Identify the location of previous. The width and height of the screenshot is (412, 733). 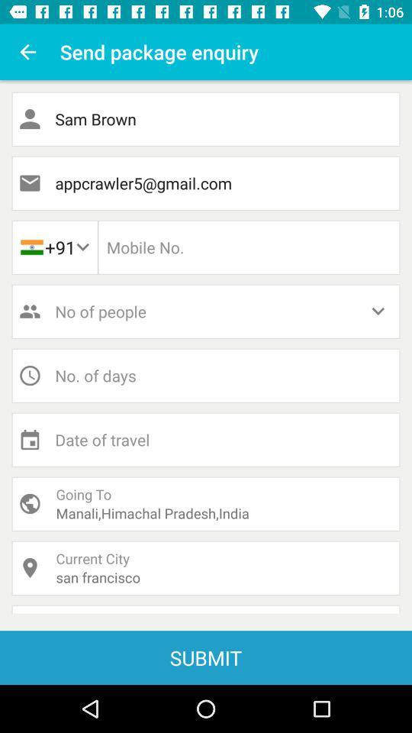
(27, 52).